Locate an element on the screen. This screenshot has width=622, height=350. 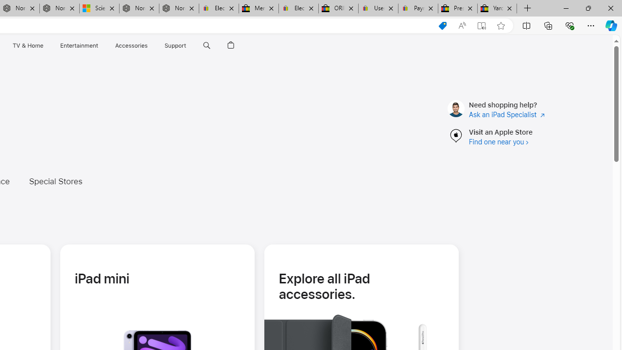
'Search apple.com' is located at coordinates (206, 45).